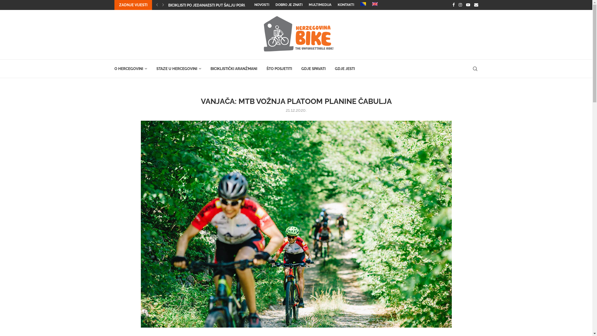  What do you see at coordinates (345, 5) in the screenshot?
I see `'KONTAKTI'` at bounding box center [345, 5].